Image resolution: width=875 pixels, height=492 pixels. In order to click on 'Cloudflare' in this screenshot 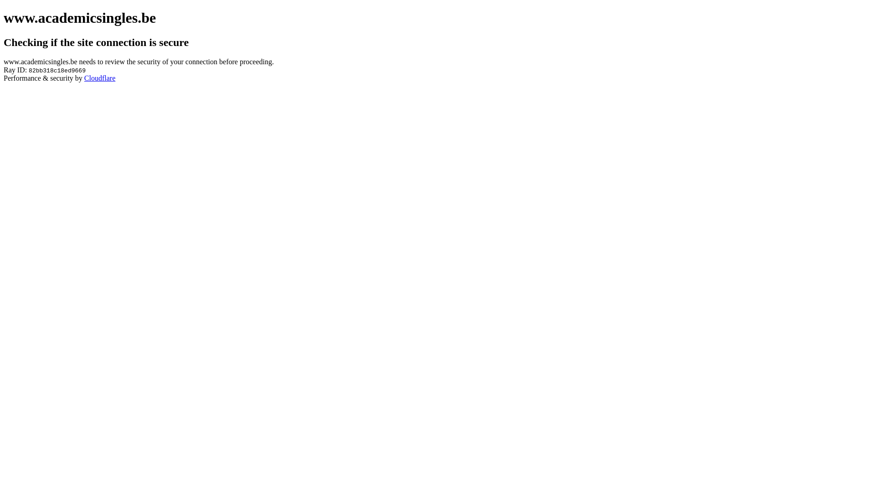, I will do `click(84, 77)`.